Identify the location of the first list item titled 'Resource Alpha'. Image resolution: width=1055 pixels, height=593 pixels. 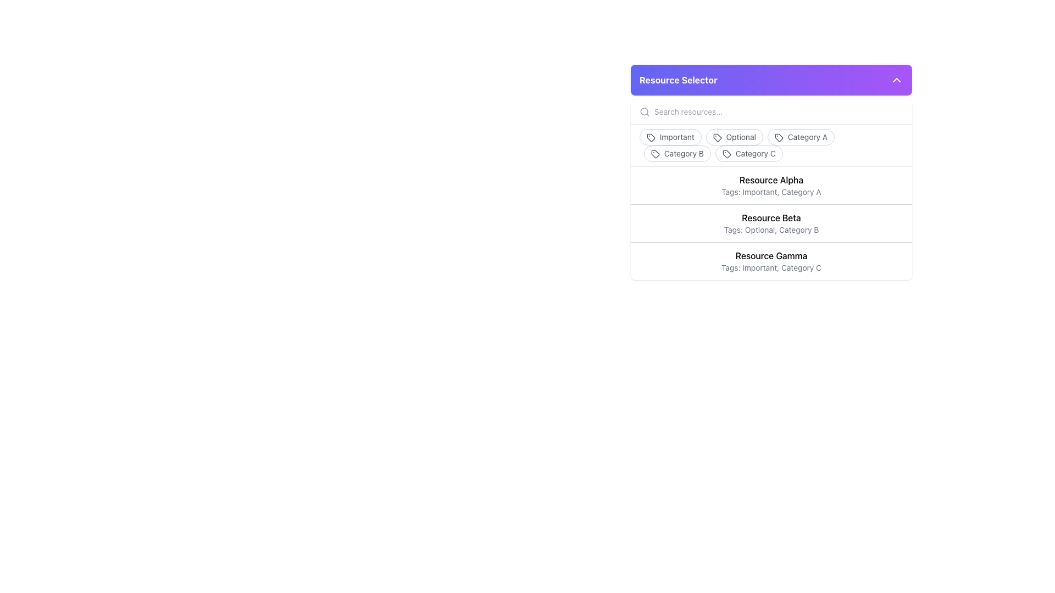
(770, 185).